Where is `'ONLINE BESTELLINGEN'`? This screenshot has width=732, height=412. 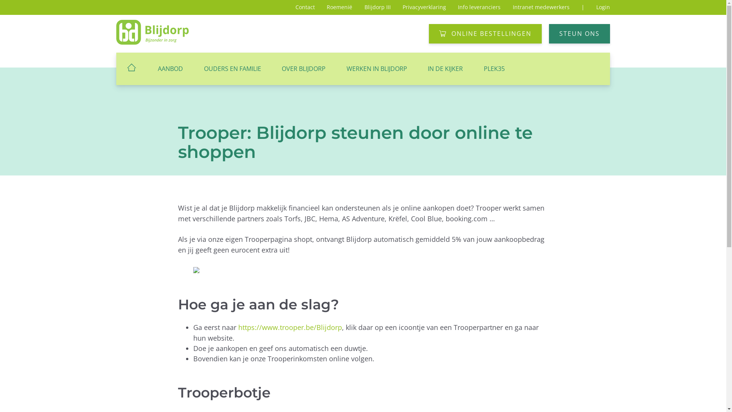 'ONLINE BESTELLINGEN' is located at coordinates (485, 33).